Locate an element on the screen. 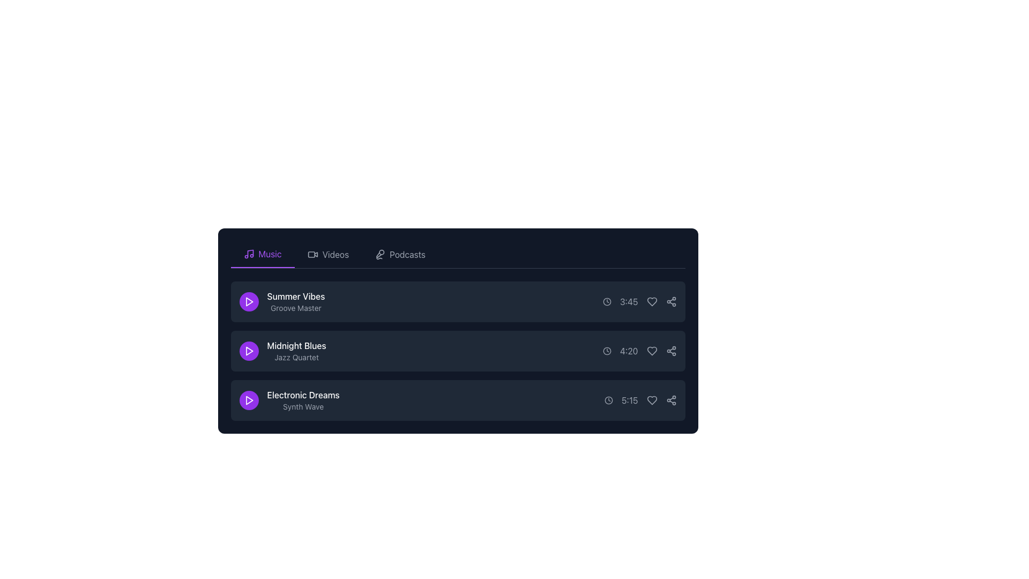  descriptive text of the media item titled 'Electronic Dreams' with genre 'Synth Wave', which is the third item in the 'Music' section is located at coordinates (289, 400).